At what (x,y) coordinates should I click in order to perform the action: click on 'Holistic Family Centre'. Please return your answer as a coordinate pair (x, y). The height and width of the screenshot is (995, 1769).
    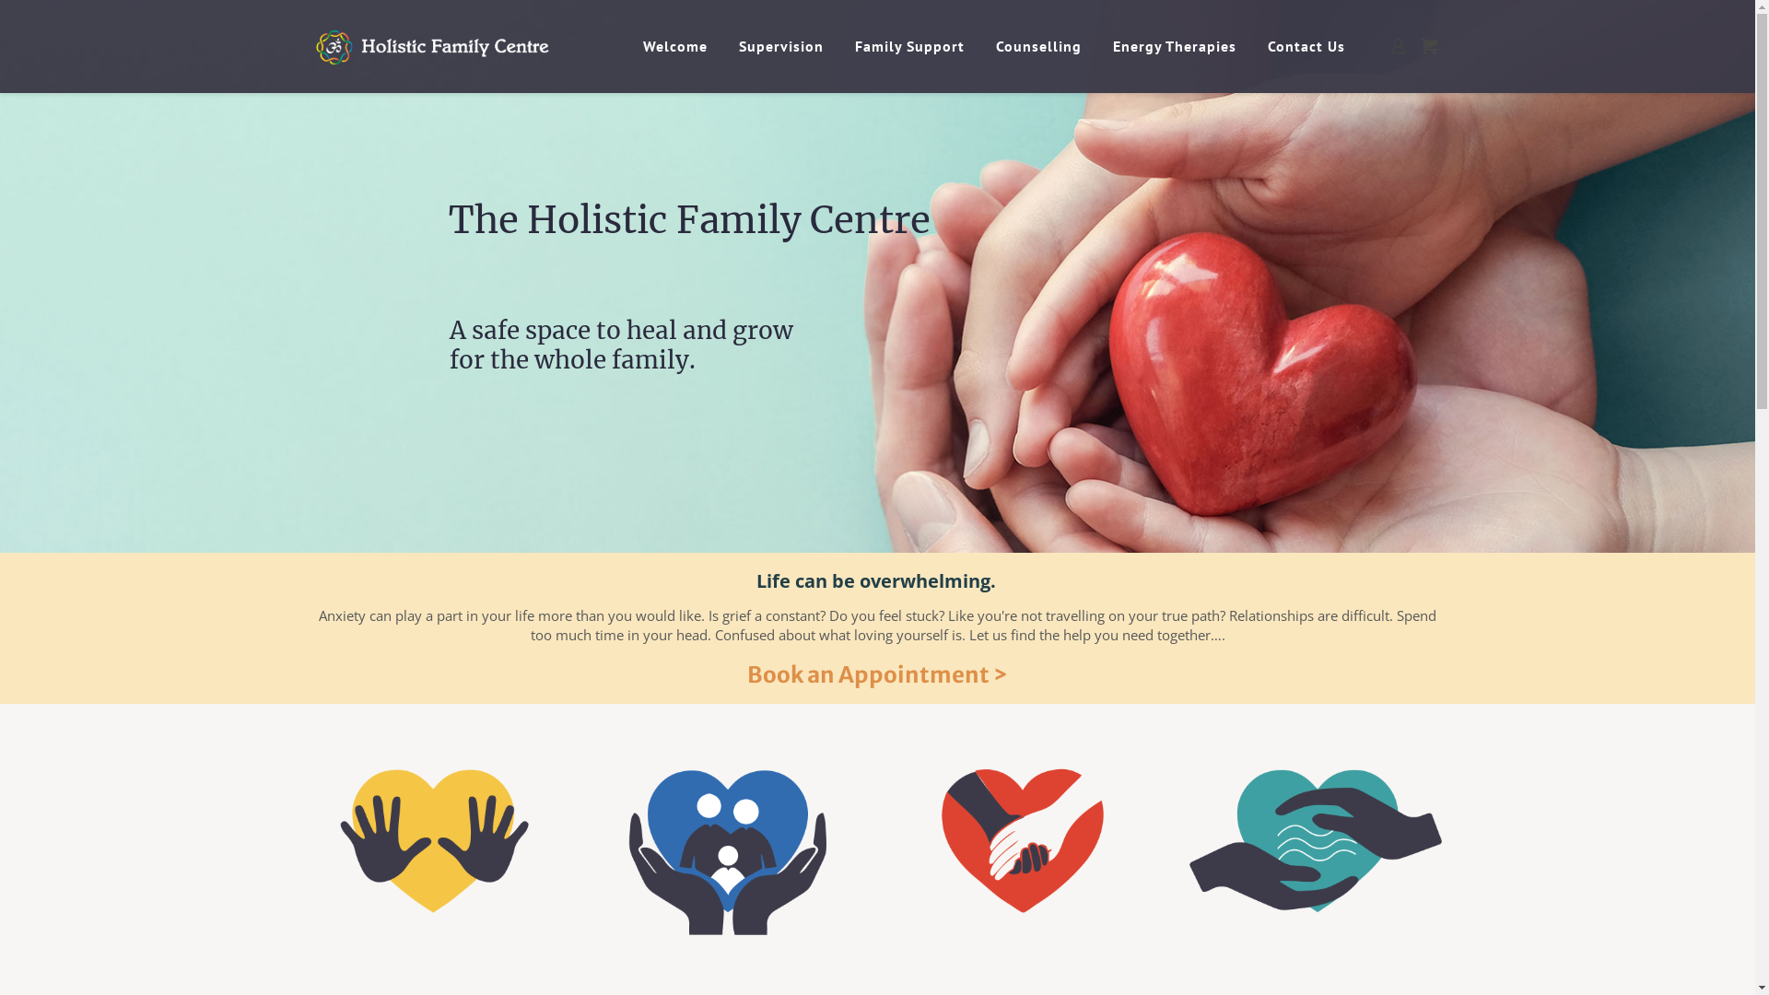
    Looking at the image, I should click on (463, 45).